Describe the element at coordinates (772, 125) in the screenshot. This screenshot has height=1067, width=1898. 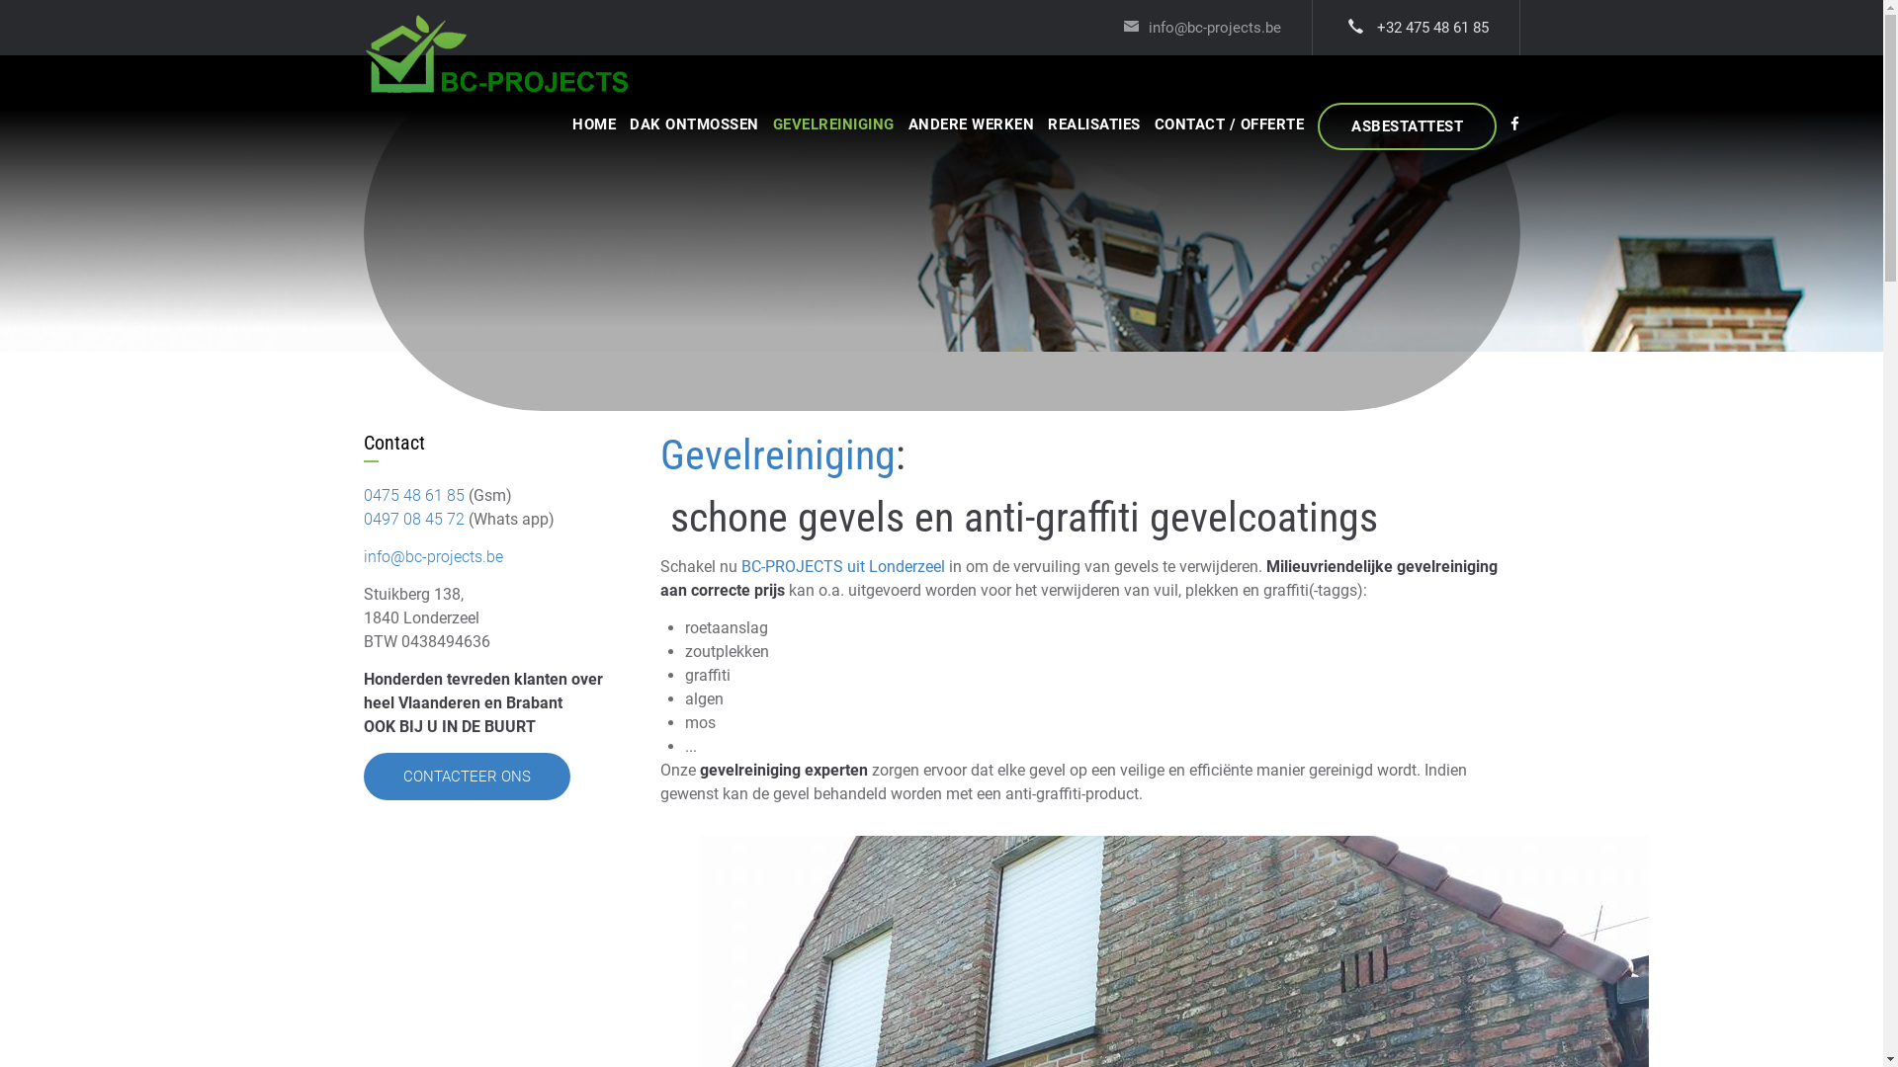
I see `'GEVELREINIGING'` at that location.